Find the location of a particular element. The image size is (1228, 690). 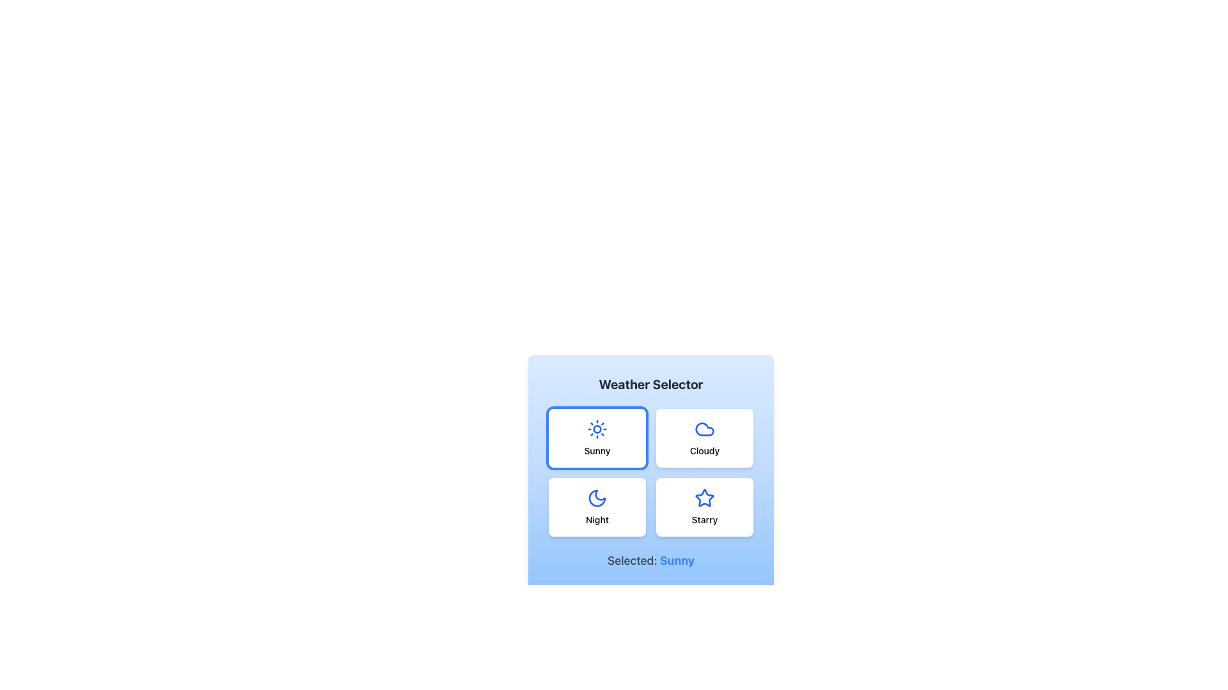

the 'Cloudy' weather mode icon located in the second column and first row of the four-button grid under the 'Weather Selector' header is located at coordinates (704, 429).